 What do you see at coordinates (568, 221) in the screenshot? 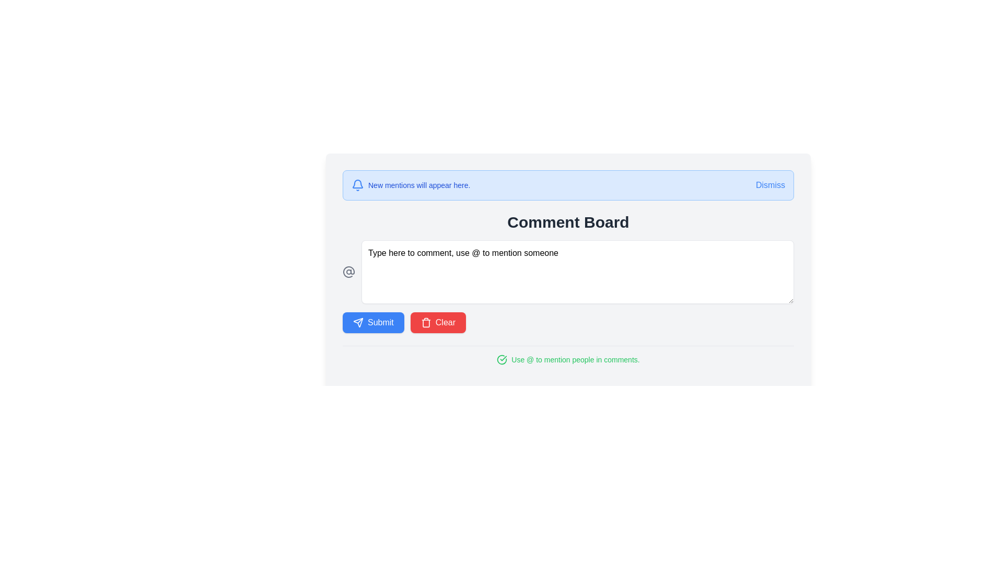
I see `the text label that serves as a title for the comment section, which is located centrally below the informational banner and above the comment input section` at bounding box center [568, 221].